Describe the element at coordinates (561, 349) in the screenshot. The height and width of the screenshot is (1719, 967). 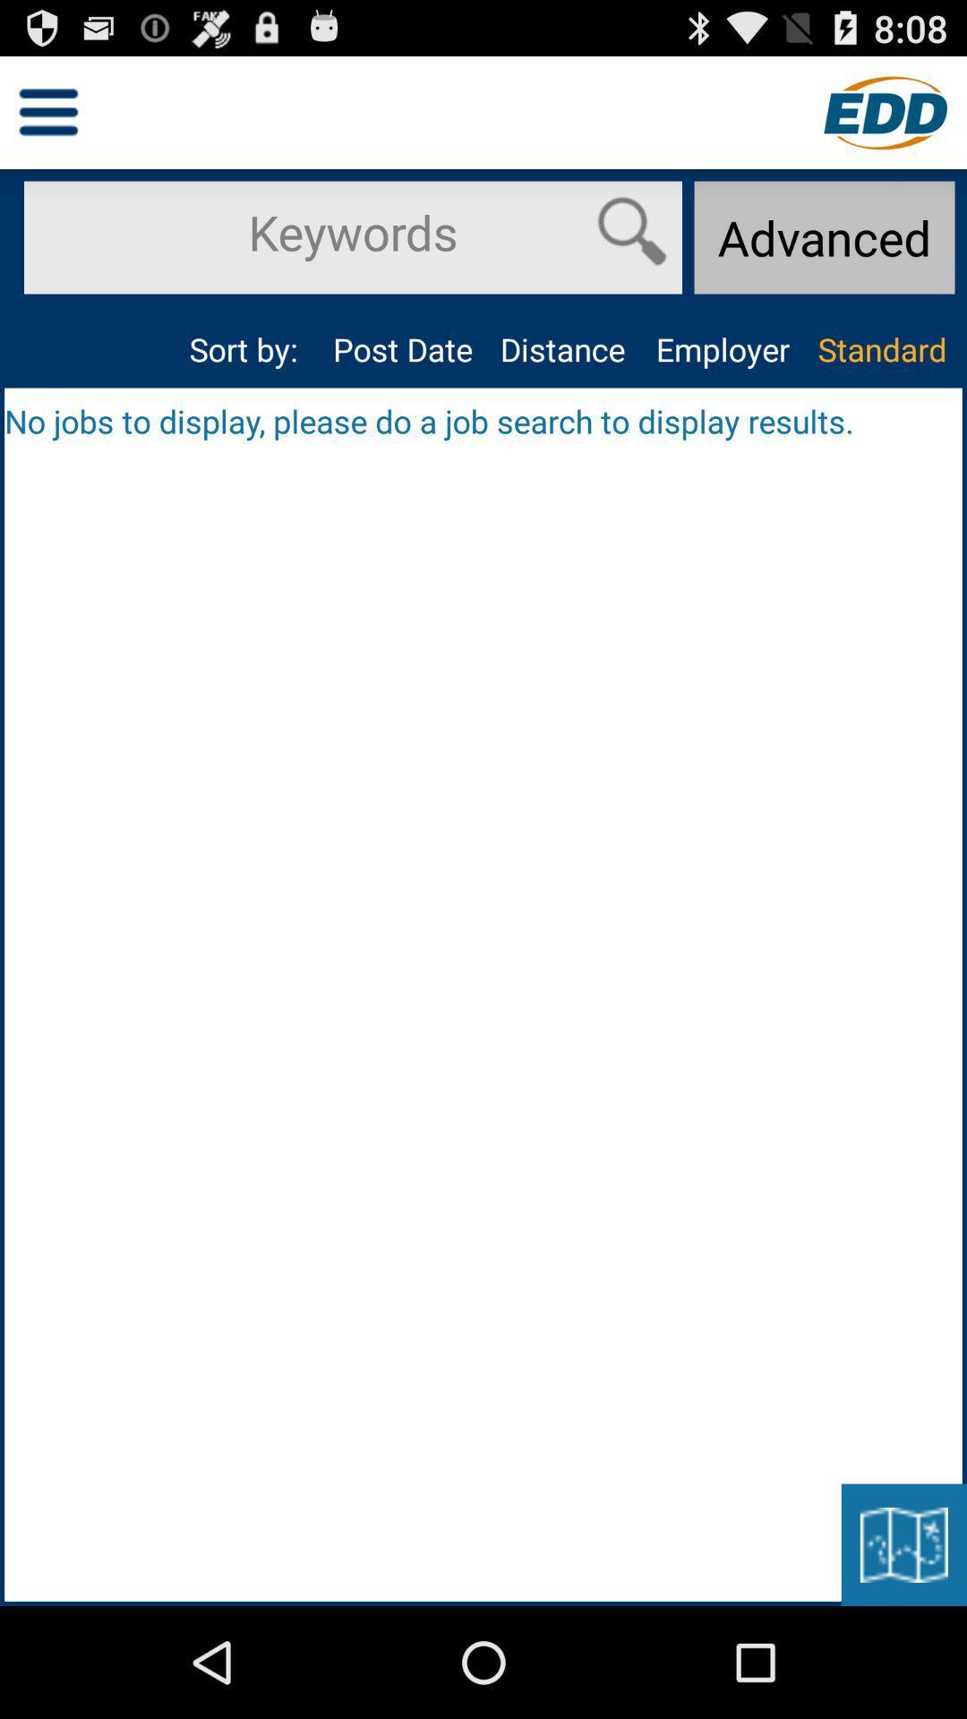
I see `app to the right of the post date icon` at that location.